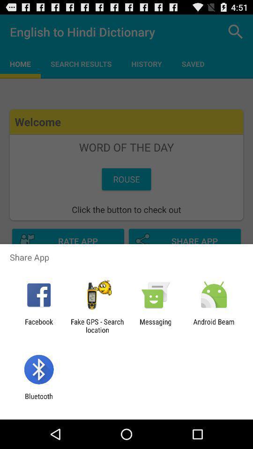  Describe the element at coordinates (38, 326) in the screenshot. I see `item to the left of the fake gps search app` at that location.